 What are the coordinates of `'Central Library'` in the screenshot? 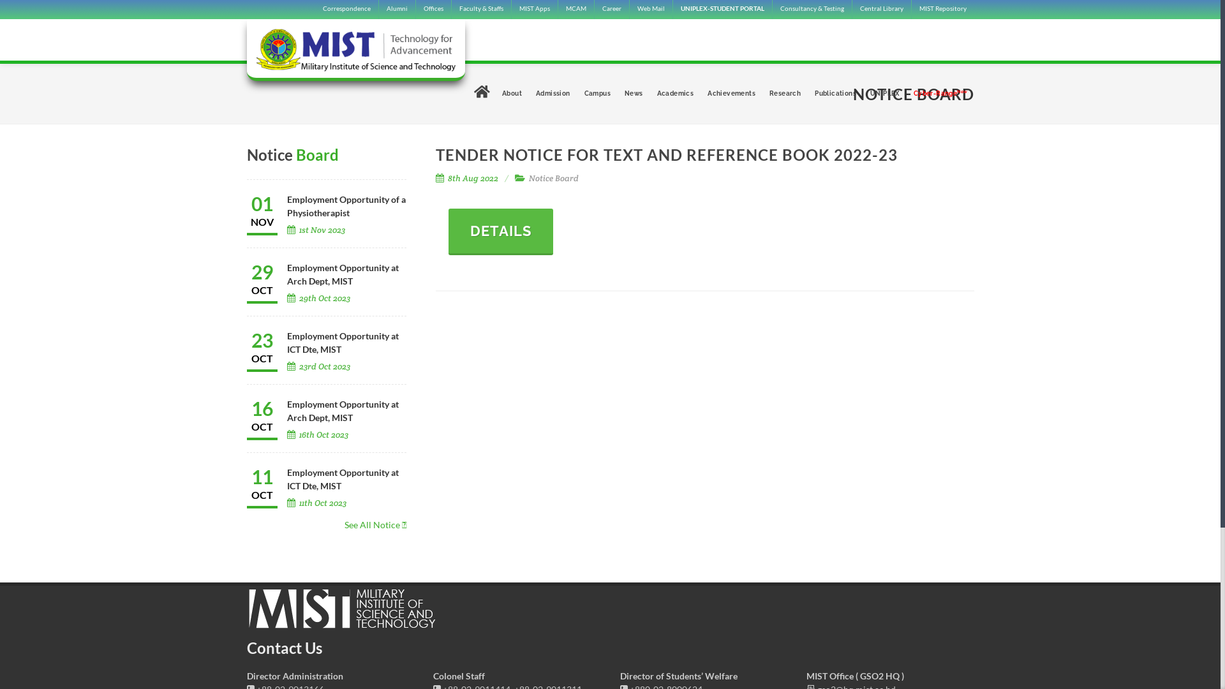 It's located at (881, 10).